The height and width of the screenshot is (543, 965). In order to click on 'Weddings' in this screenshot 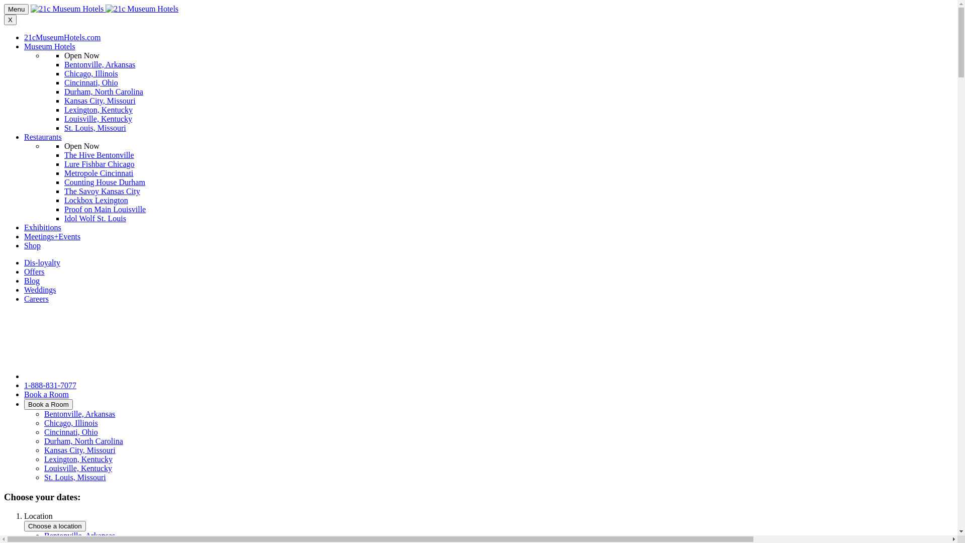, I will do `click(40, 290)`.